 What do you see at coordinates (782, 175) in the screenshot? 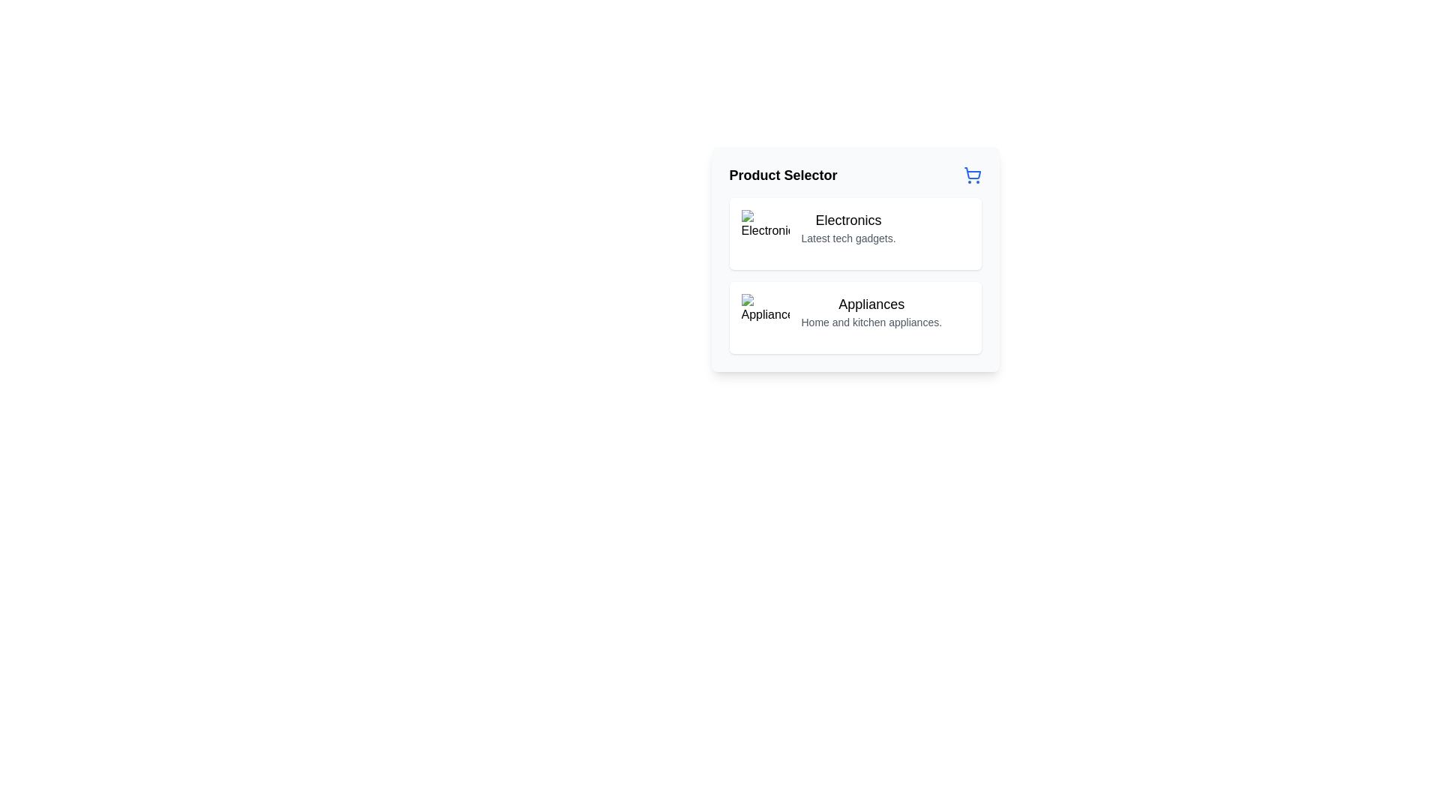
I see `the header text label that provides context for the surrounding section, located on the left side next to the shopping cart icon` at bounding box center [782, 175].